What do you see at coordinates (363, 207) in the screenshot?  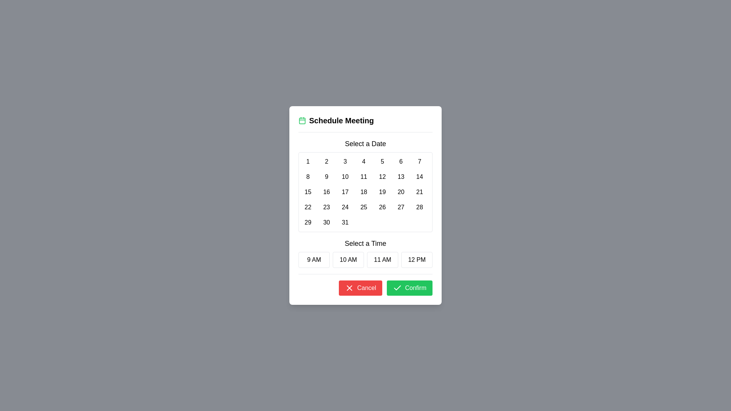 I see `the button displaying the number '25' located in the fourth row and fourth column of the calendar grid under the 'Select a Date' header in the 'Schedule Meeting' modal to activate its hover styling` at bounding box center [363, 207].